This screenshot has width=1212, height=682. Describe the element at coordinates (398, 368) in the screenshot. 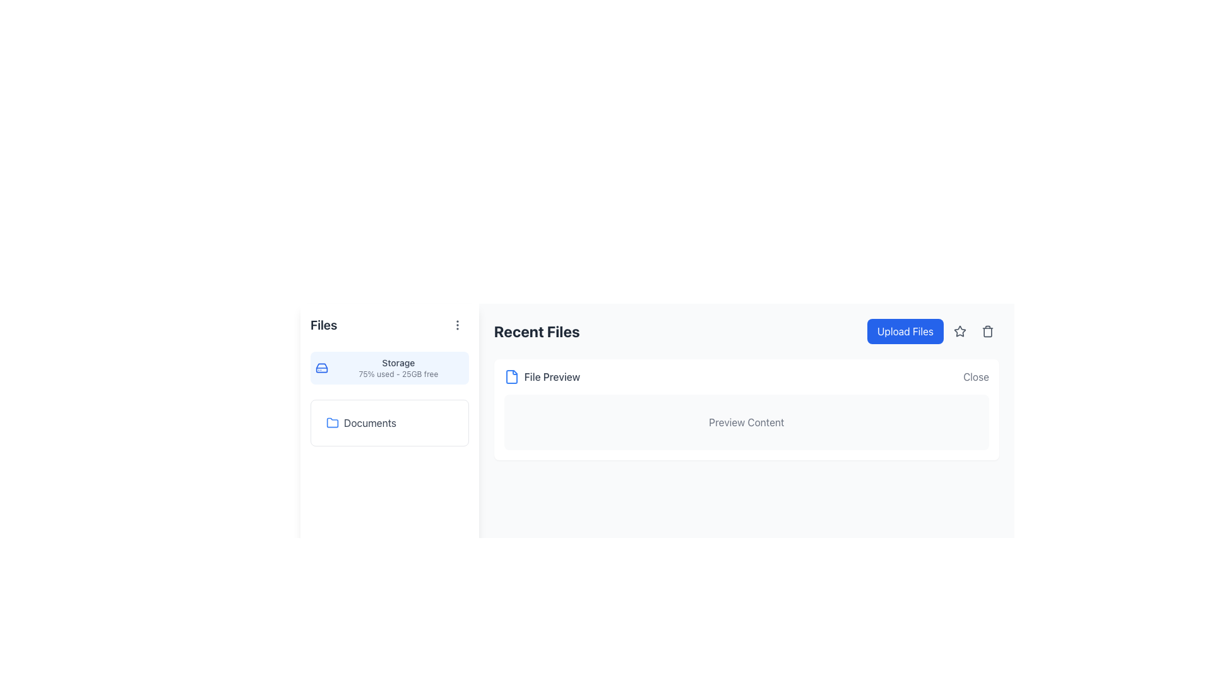

I see `the Text Display element that shows 'Storage' and '75% used - 25GB free'` at that location.